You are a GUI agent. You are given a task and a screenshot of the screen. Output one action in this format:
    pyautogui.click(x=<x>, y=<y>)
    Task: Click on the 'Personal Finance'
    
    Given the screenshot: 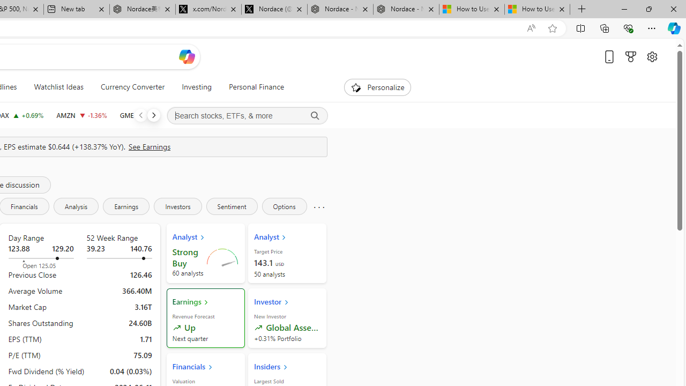 What is the action you would take?
    pyautogui.click(x=251, y=87)
    